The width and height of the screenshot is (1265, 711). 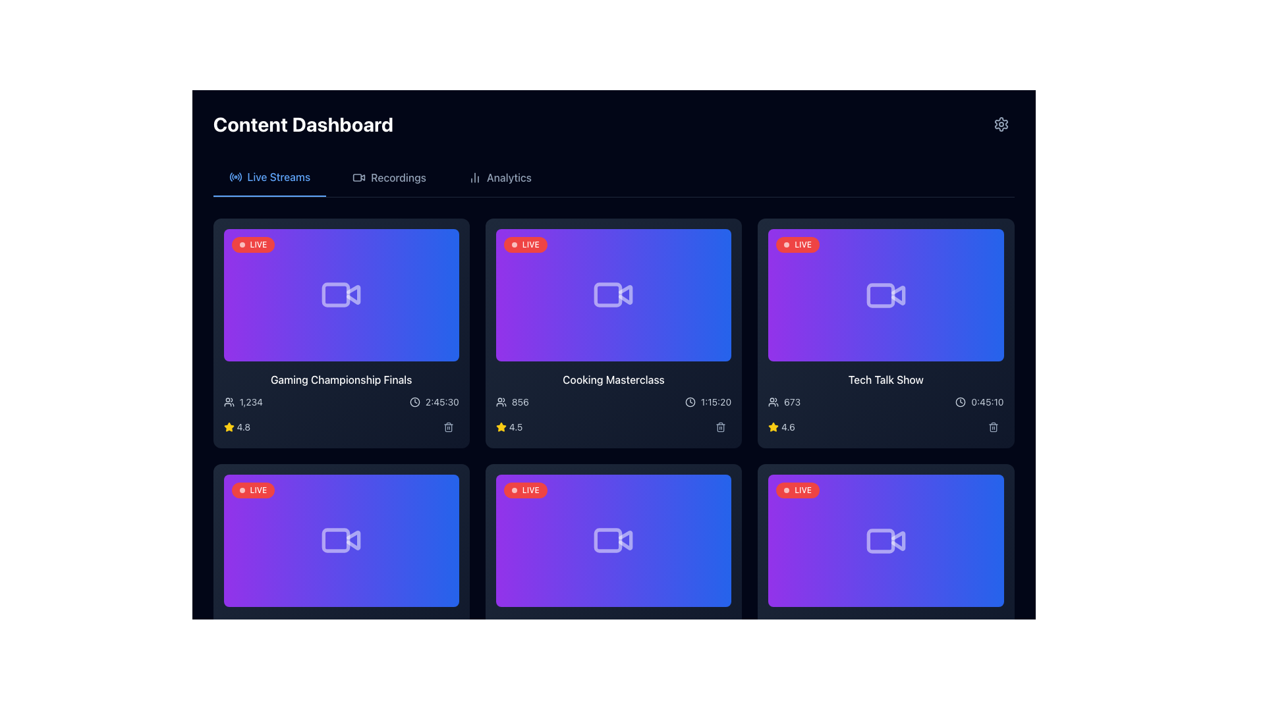 What do you see at coordinates (613, 540) in the screenshot?
I see `the video camera icon with a rounded rectangular body and triangular lens, located in the center of the bottom-middle card of the content dashboard, which has a 'LIVE' label in the top-left corner` at bounding box center [613, 540].